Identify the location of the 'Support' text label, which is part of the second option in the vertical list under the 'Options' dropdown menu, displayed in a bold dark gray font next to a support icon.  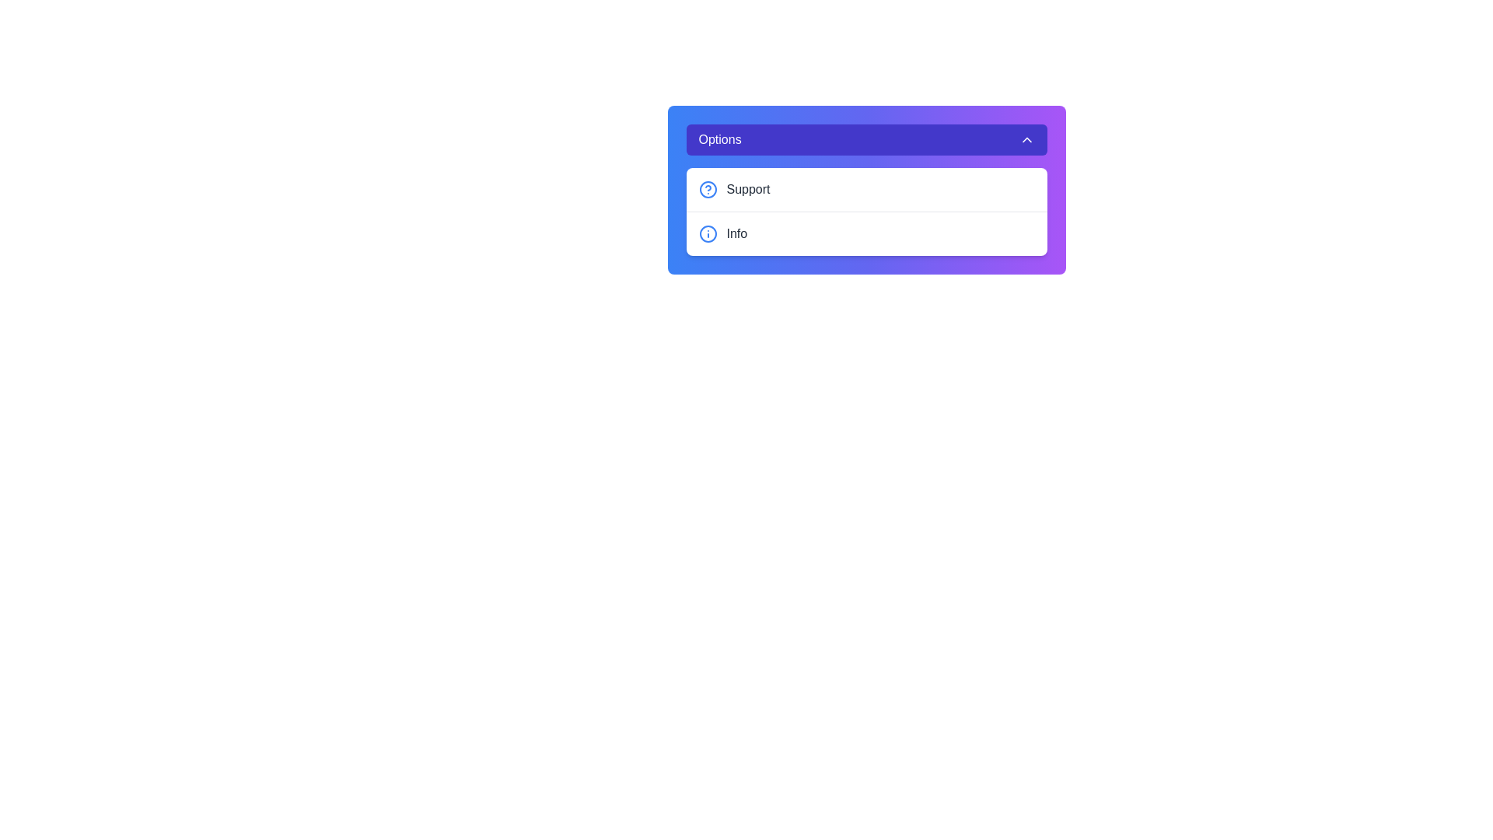
(748, 188).